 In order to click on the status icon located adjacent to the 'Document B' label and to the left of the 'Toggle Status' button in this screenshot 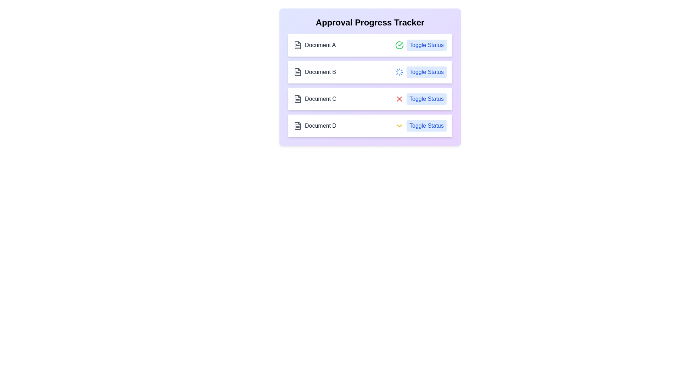, I will do `click(399, 72)`.